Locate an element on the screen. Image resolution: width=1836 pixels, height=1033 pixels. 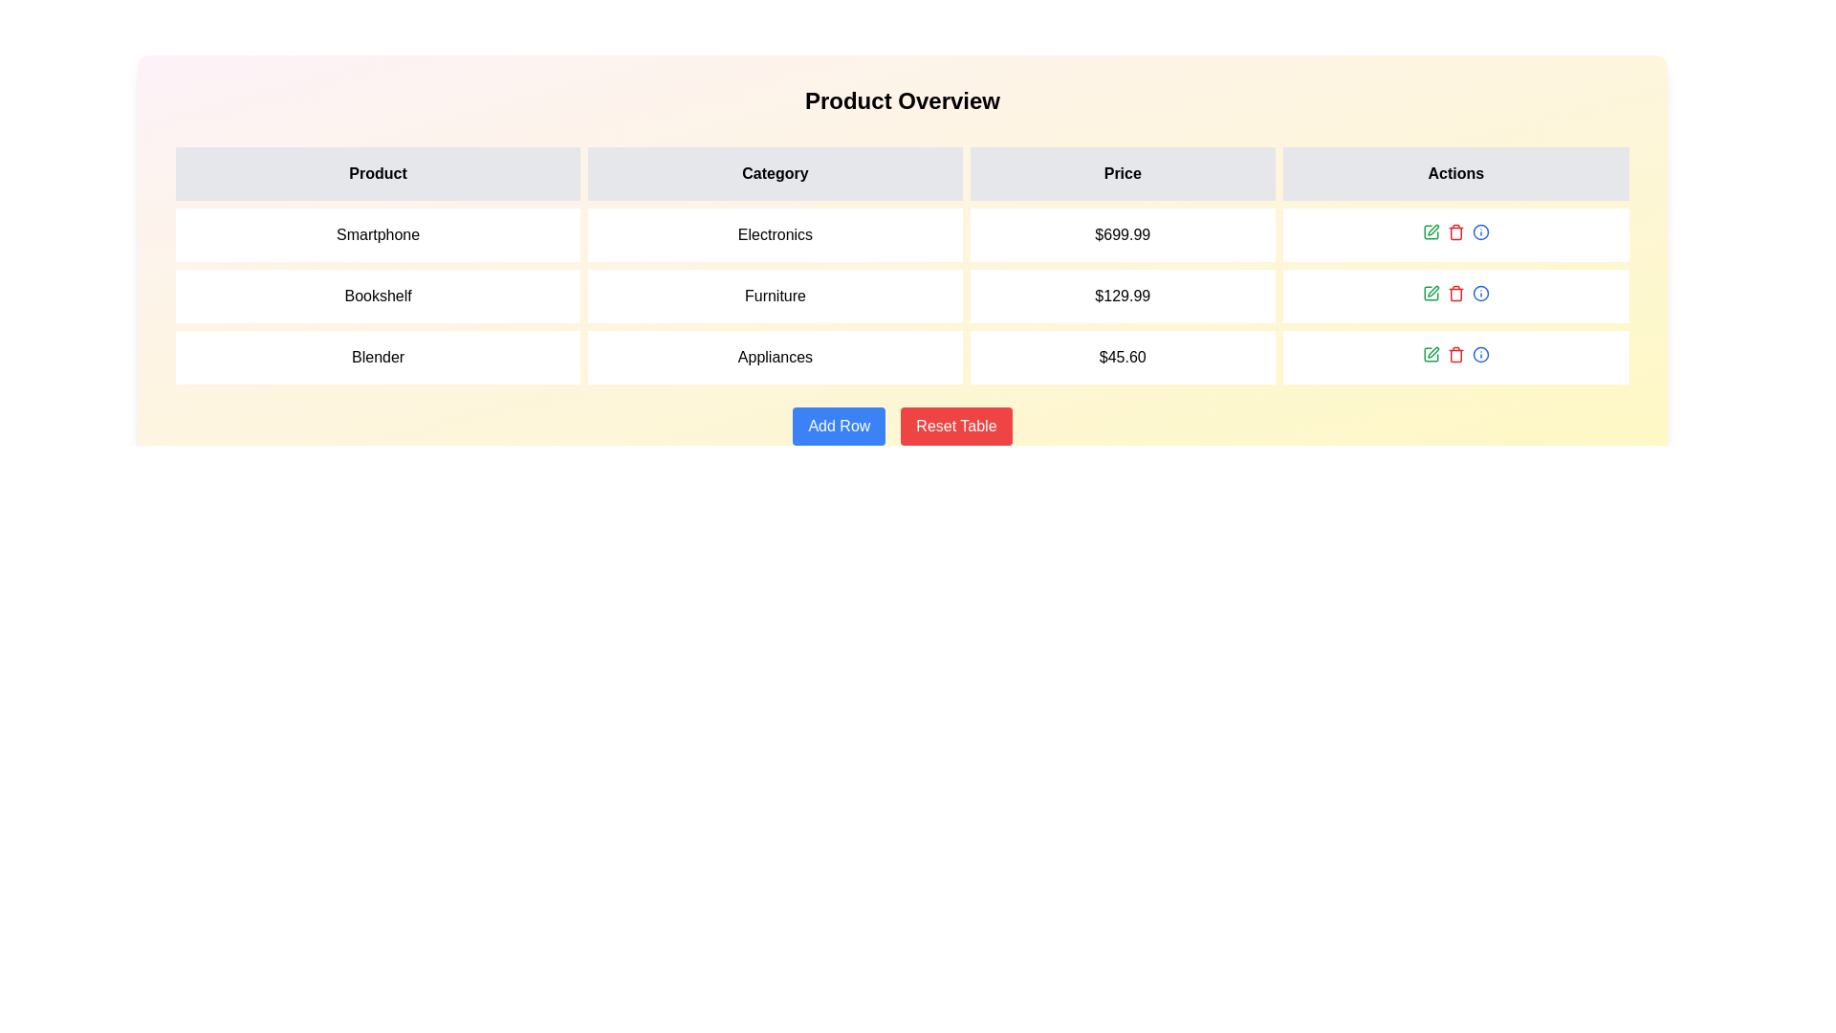
edit icon button located in the 'Actions' column of the last row in the 'Product Overview' table for accessibility information is located at coordinates (1433, 352).